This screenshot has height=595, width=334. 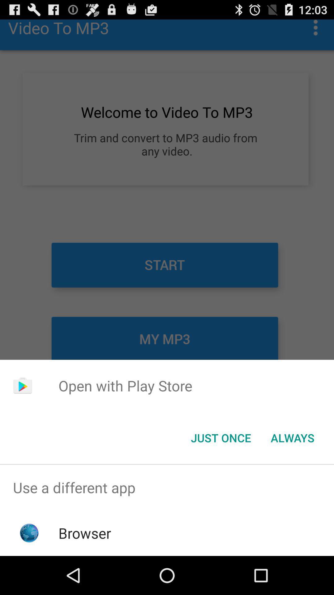 What do you see at coordinates (167, 487) in the screenshot?
I see `the use a different` at bounding box center [167, 487].